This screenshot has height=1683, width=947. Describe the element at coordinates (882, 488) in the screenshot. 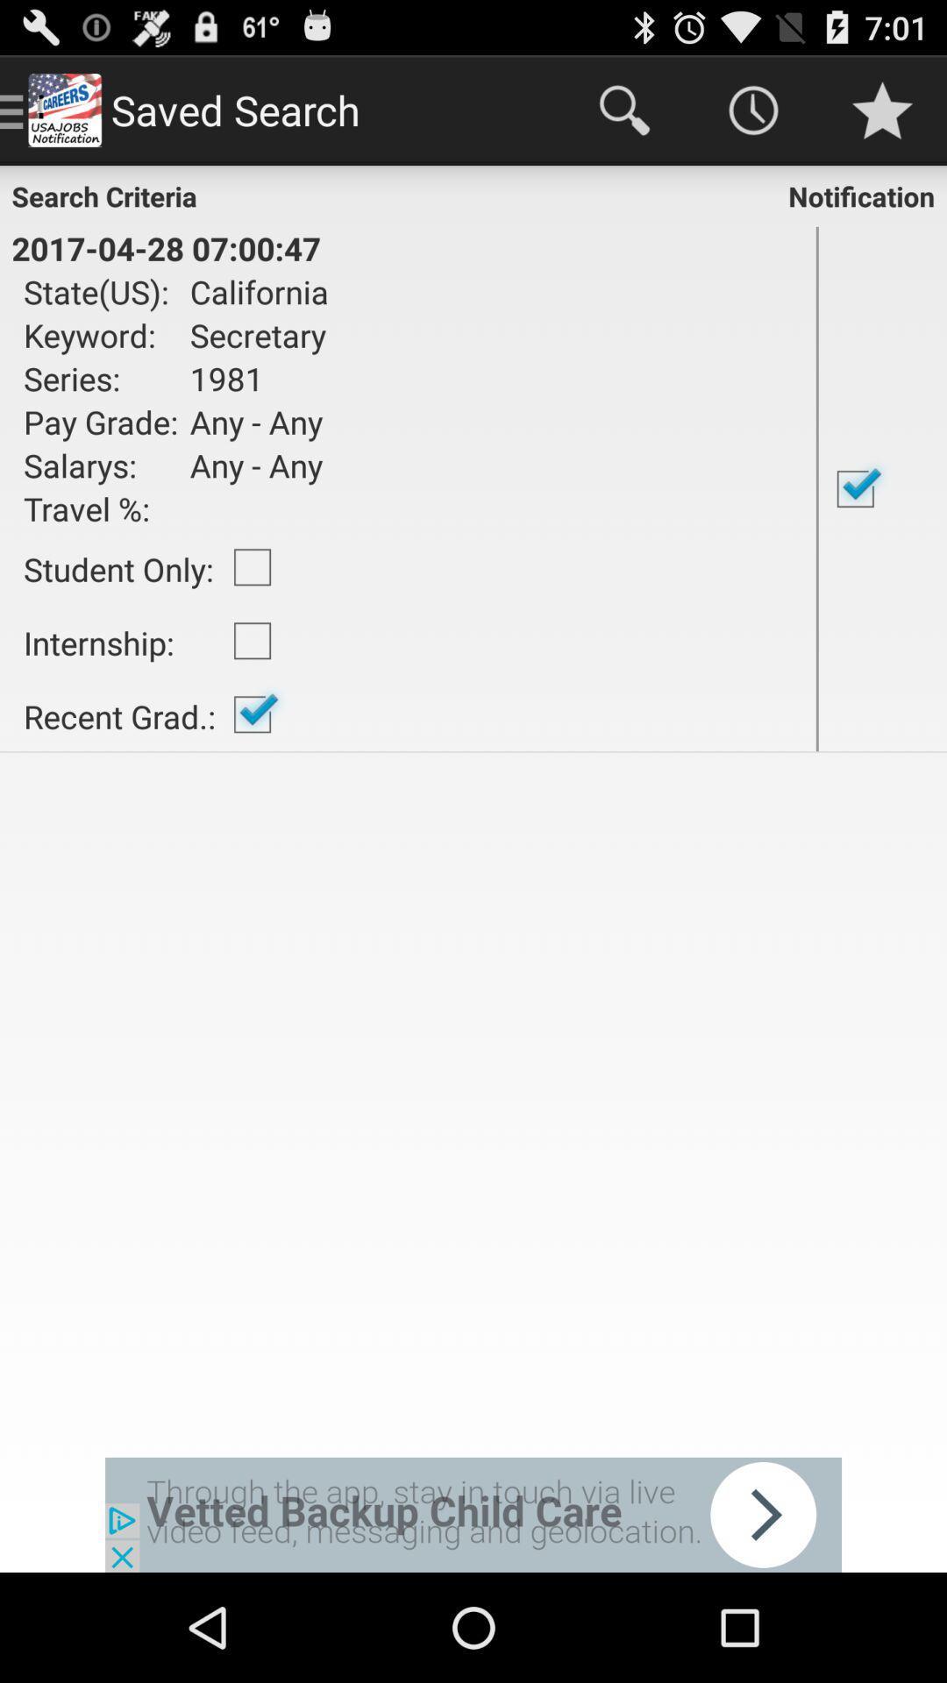

I see `activate or deactivate the notifications` at that location.